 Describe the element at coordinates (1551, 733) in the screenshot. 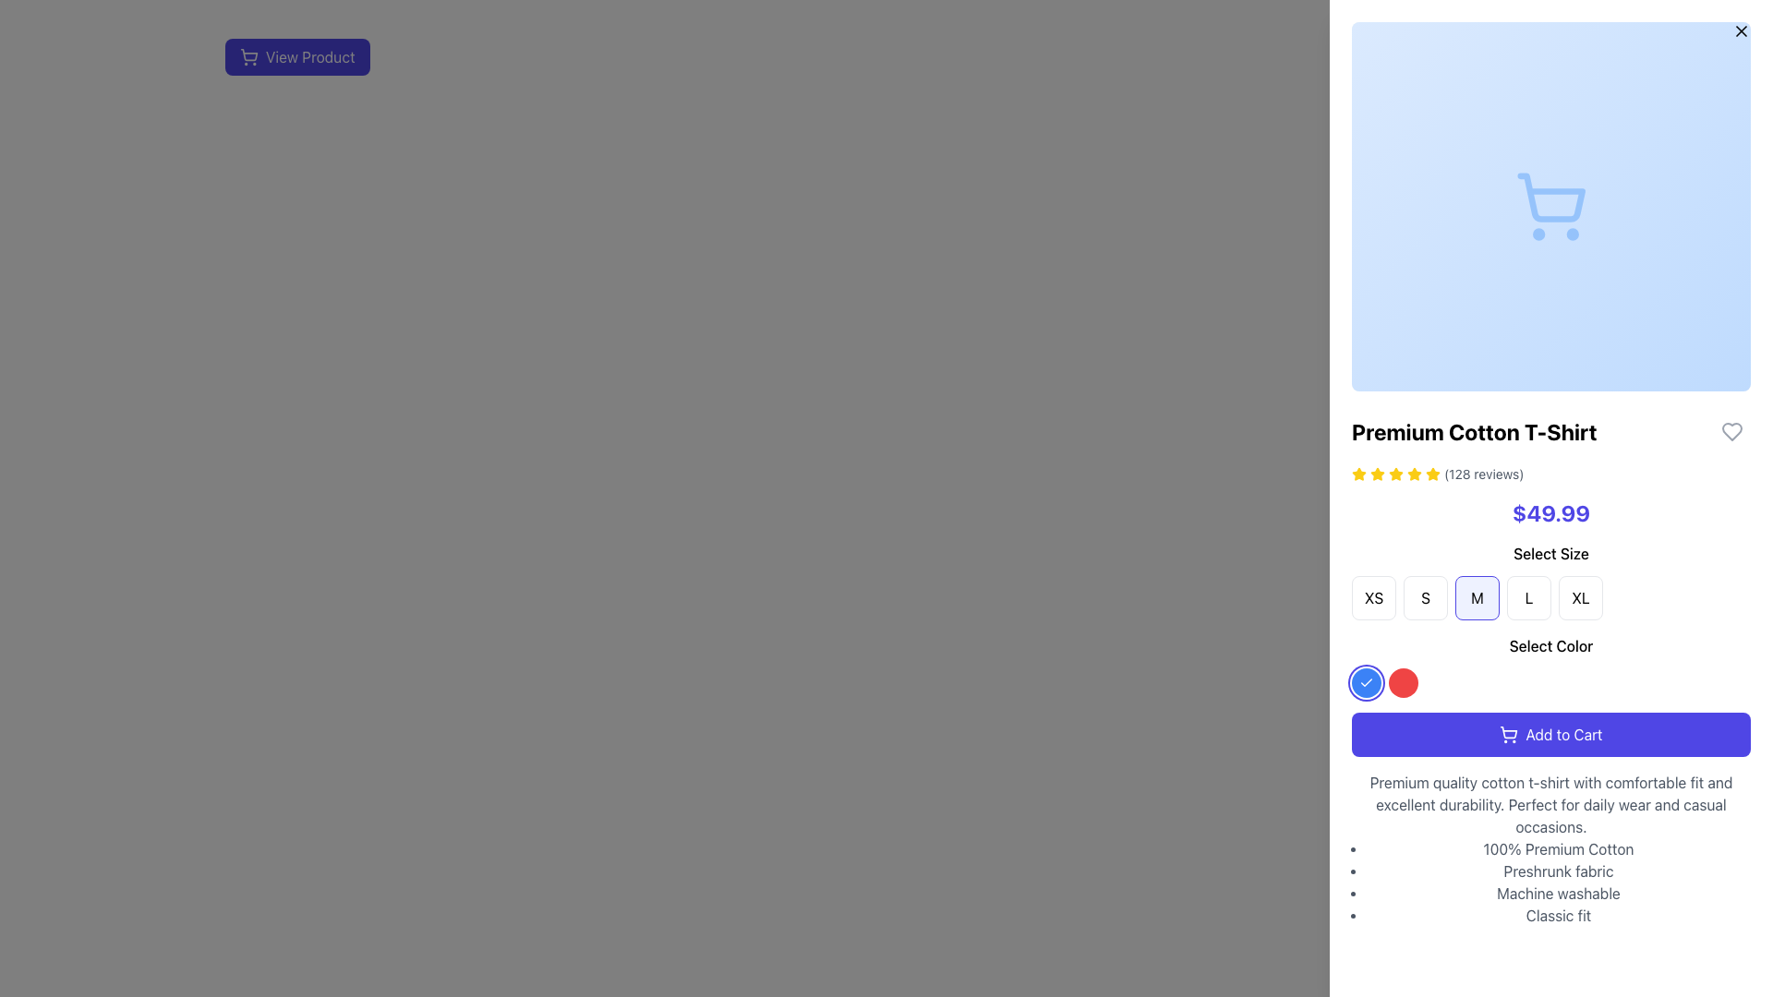

I see `the 'Add to Cart' button with a shopping cart icon` at that location.